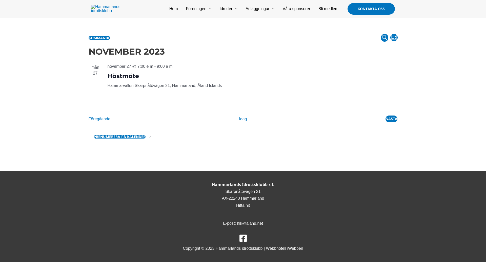 This screenshot has width=486, height=273. What do you see at coordinates (174, 9) in the screenshot?
I see `'Hem'` at bounding box center [174, 9].